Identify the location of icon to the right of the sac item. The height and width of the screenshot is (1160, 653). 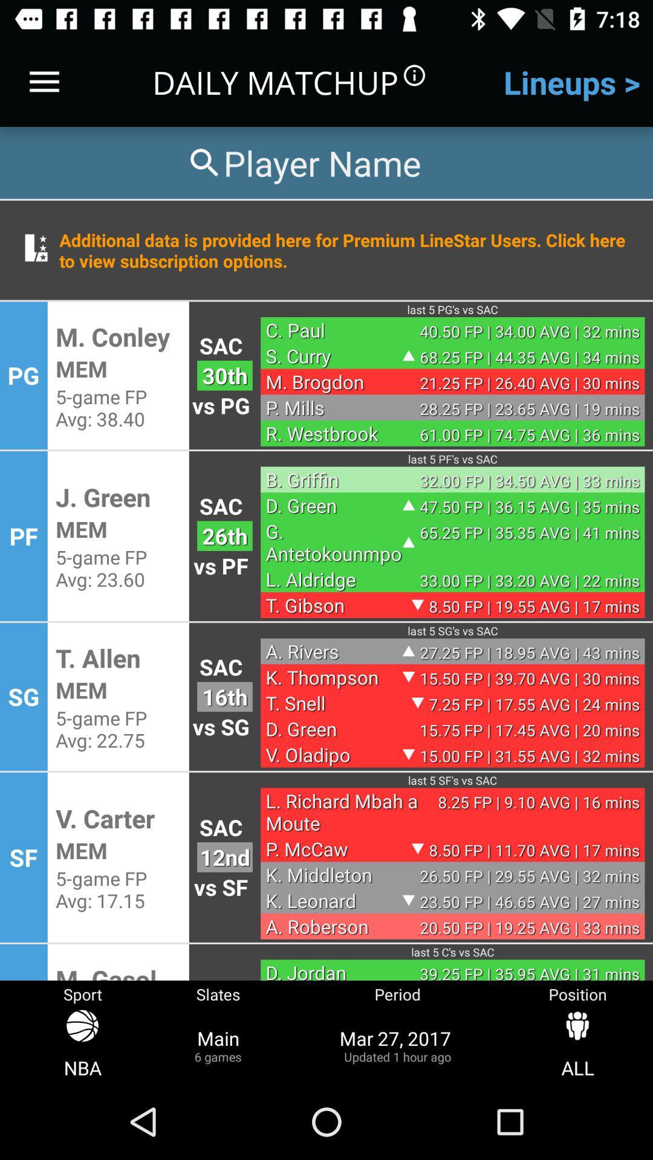
(334, 478).